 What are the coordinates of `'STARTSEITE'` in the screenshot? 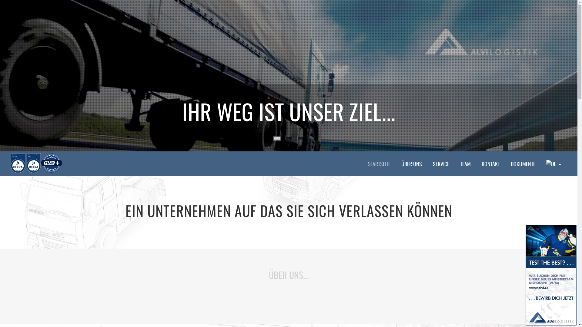 It's located at (379, 163).